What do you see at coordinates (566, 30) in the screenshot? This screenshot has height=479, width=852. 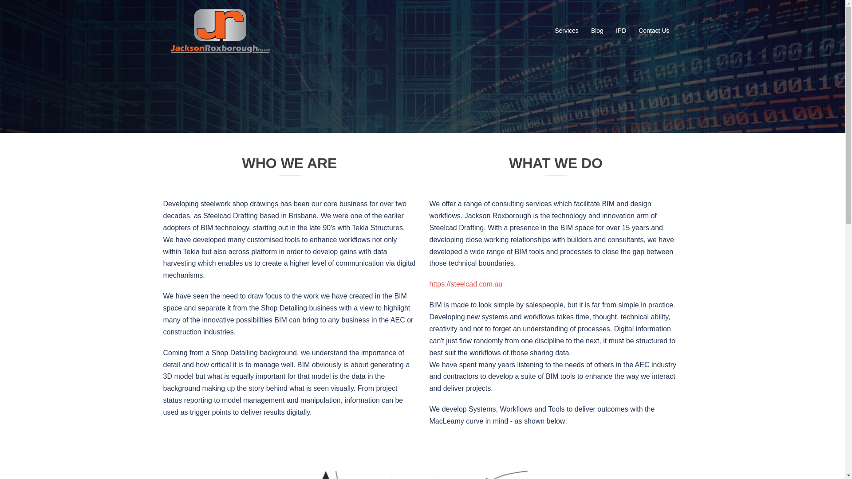 I see `'Services'` at bounding box center [566, 30].